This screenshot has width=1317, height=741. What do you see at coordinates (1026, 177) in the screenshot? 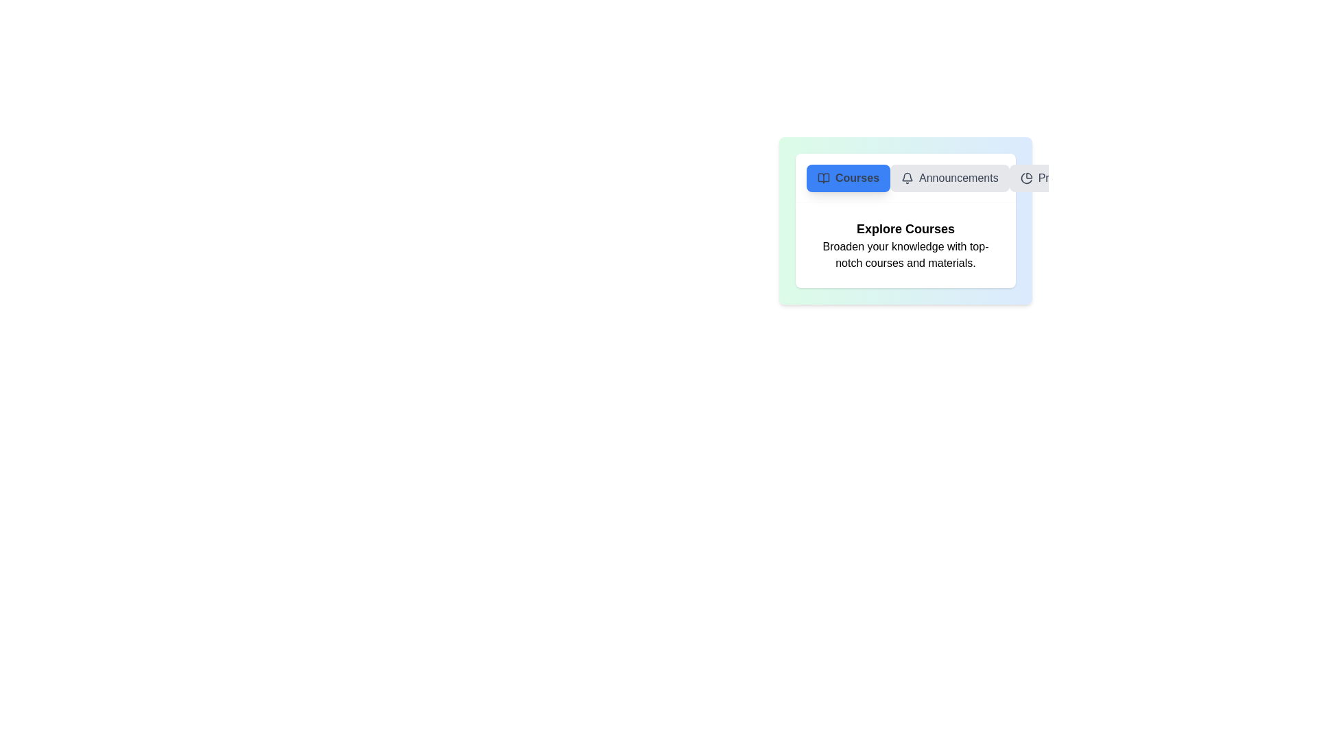
I see `the decorative icon representing 'Progress' located within the 'Progress' button, positioned to the left of the button's text` at bounding box center [1026, 177].